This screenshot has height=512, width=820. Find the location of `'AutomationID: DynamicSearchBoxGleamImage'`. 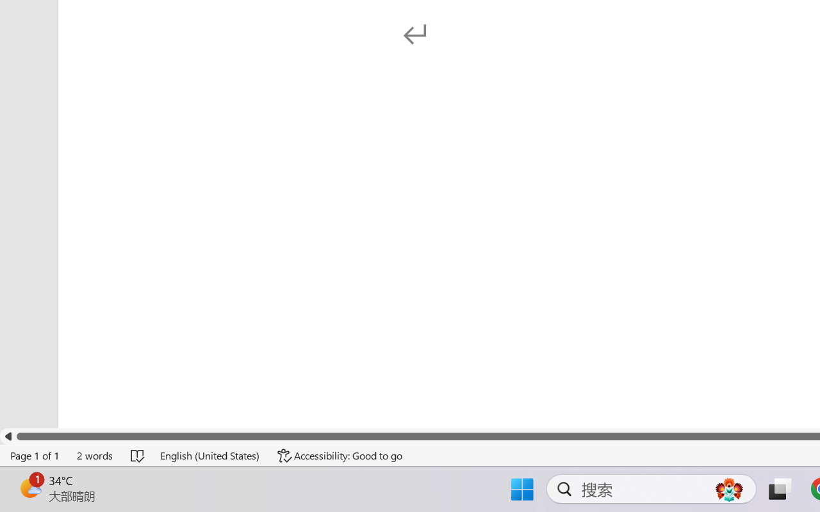

'AutomationID: DynamicSearchBoxGleamImage' is located at coordinates (729, 489).